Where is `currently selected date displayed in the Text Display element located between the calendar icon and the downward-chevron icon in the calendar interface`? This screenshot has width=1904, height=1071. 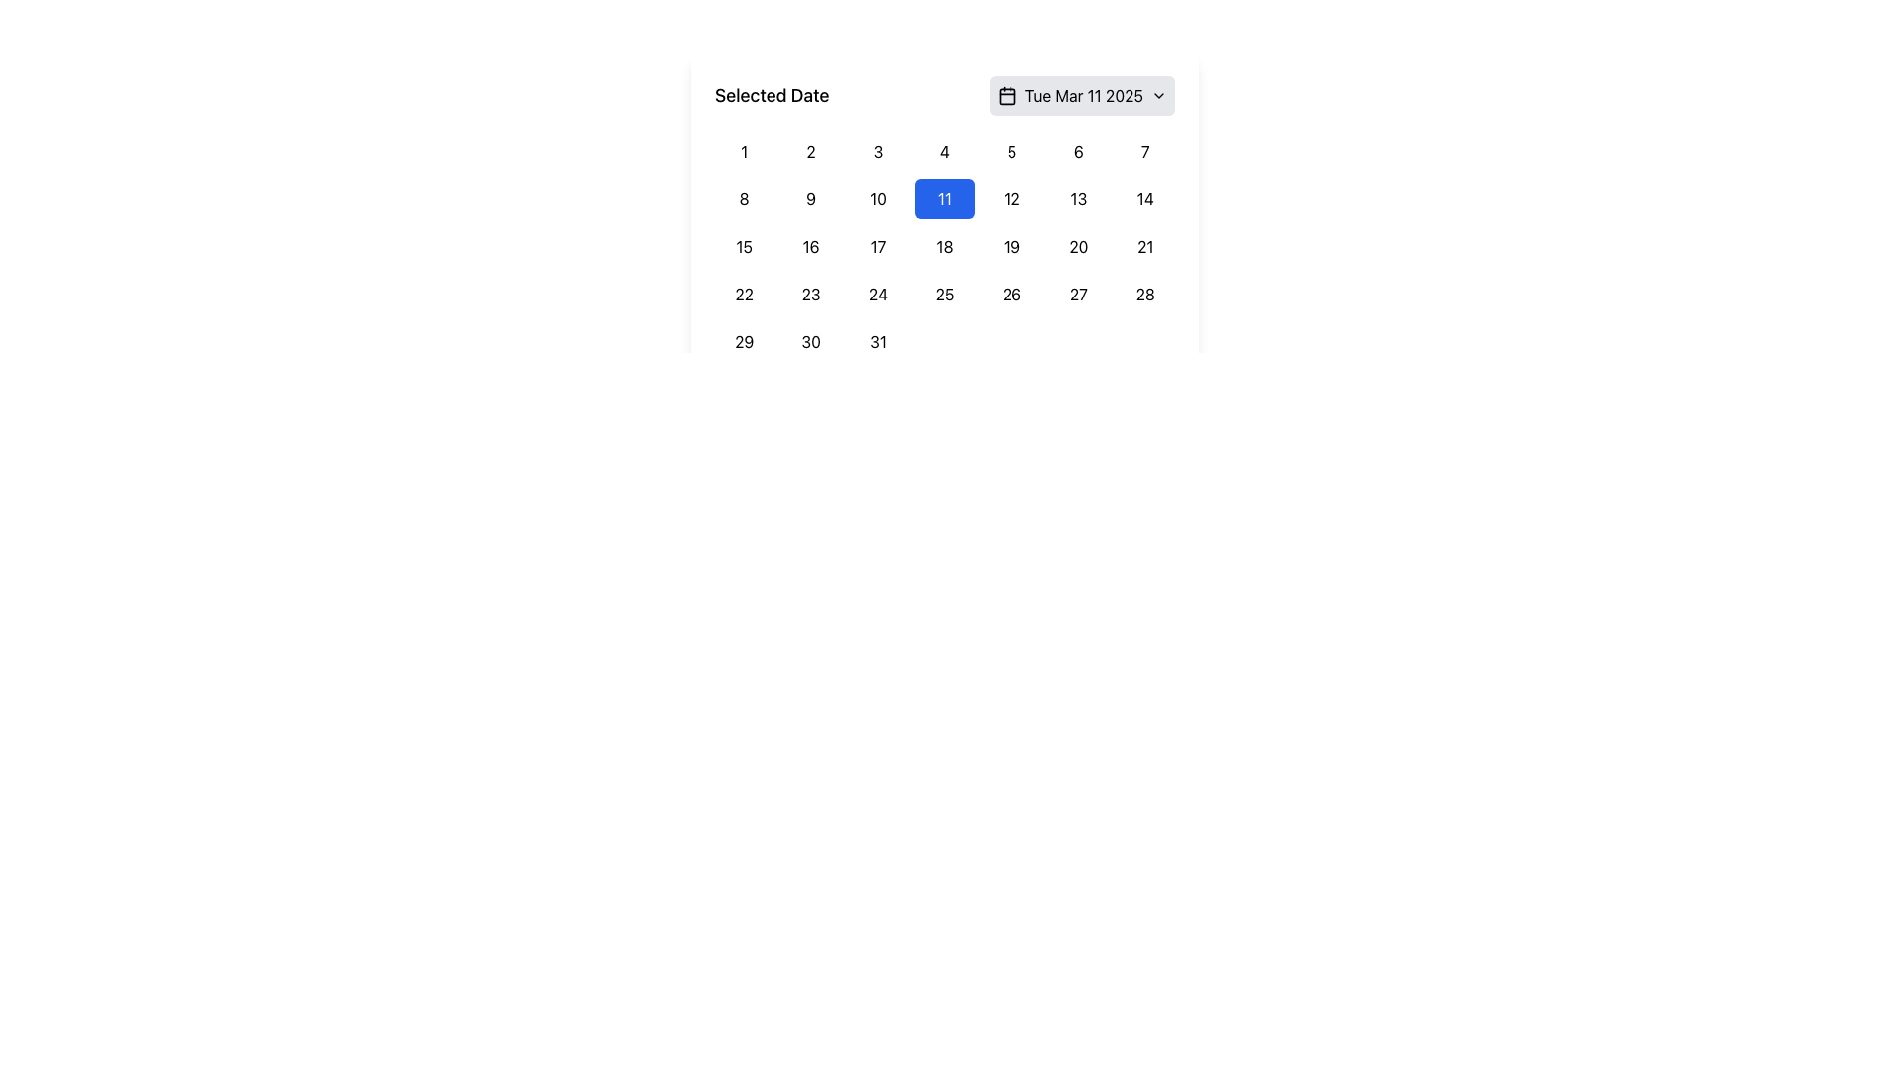
currently selected date displayed in the Text Display element located between the calendar icon and the downward-chevron icon in the calendar interface is located at coordinates (1083, 95).